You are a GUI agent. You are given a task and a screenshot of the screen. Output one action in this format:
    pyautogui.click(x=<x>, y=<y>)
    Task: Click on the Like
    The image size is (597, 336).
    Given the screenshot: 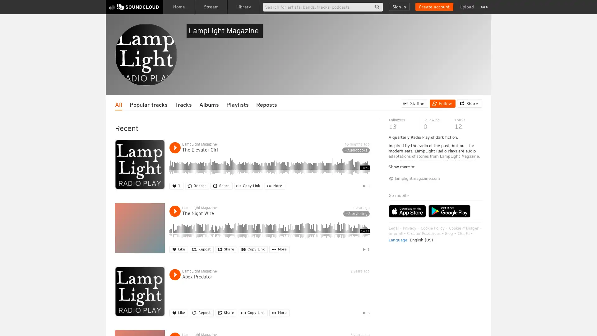 What is the action you would take?
    pyautogui.click(x=176, y=185)
    